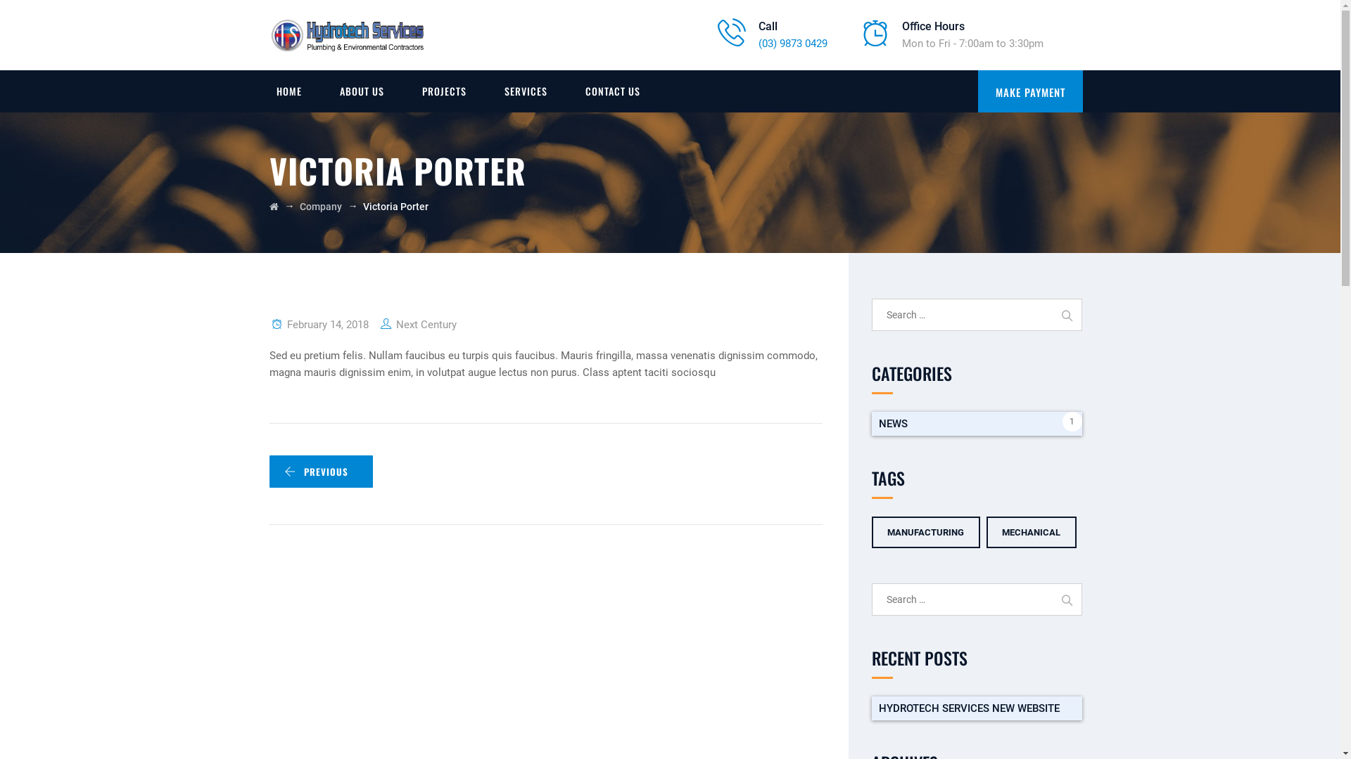 Image resolution: width=1351 pixels, height=759 pixels. I want to click on 'MECHANICAL', so click(1031, 532).